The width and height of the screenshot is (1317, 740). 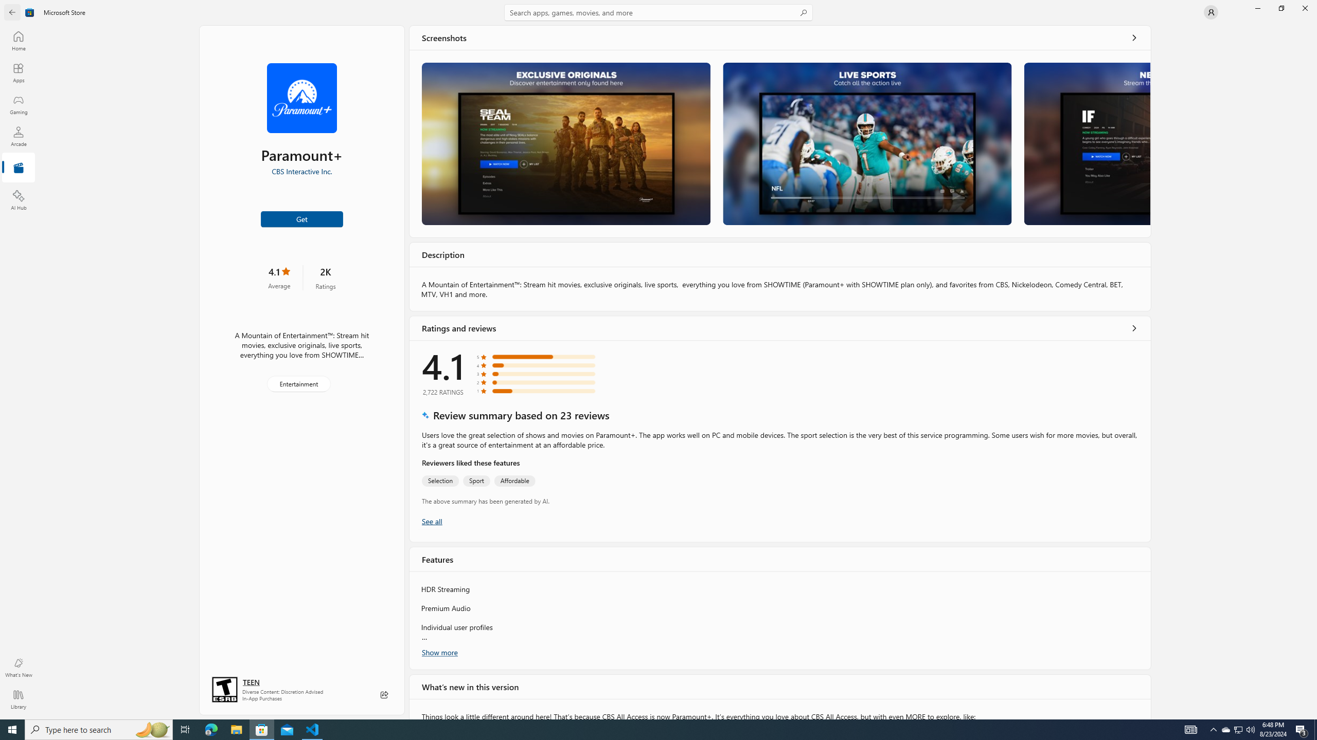 What do you see at coordinates (17, 699) in the screenshot?
I see `'Library'` at bounding box center [17, 699].